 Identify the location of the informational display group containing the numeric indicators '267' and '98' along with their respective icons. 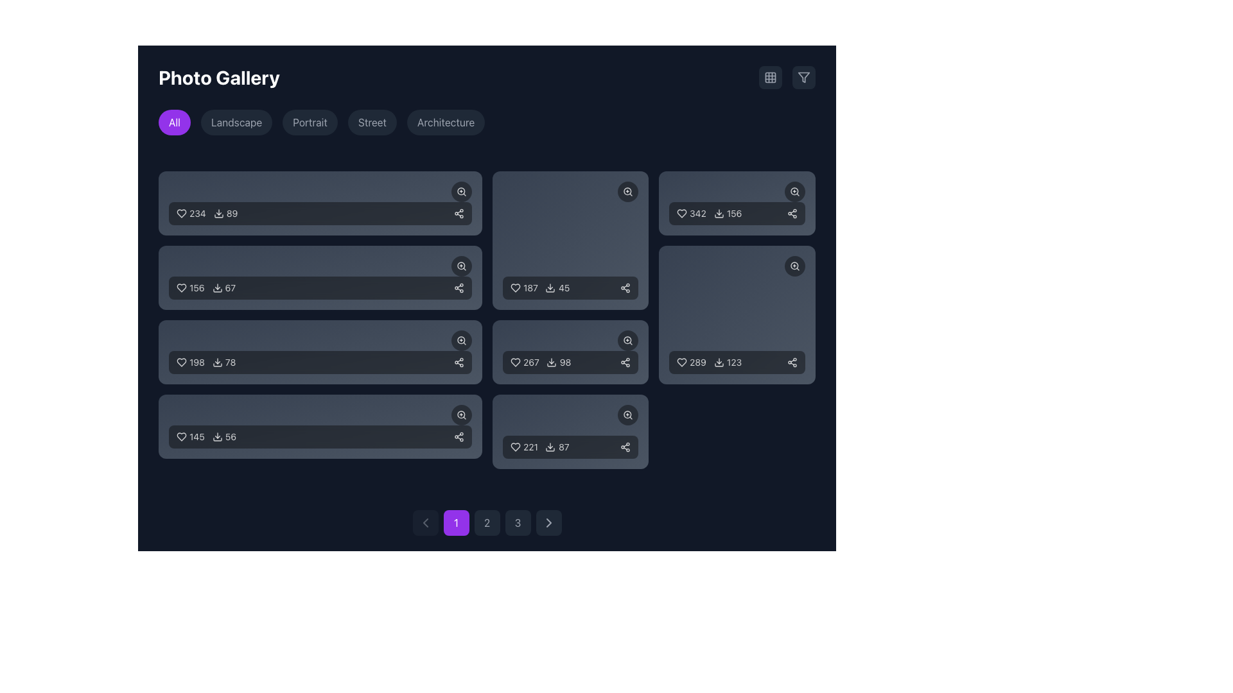
(540, 362).